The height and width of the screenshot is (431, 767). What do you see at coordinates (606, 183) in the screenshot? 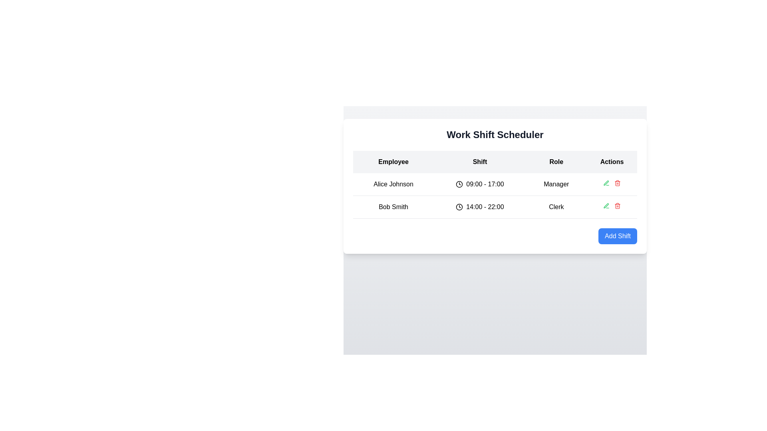
I see `the pen icon in the second row of the data table under the 'Actions' column` at bounding box center [606, 183].